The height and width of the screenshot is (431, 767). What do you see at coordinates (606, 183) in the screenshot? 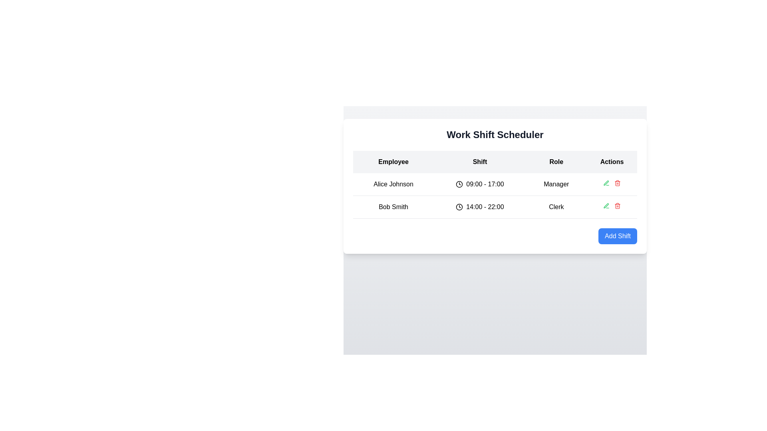
I see `the pen icon in the second row of the data table under the 'Actions' column` at bounding box center [606, 183].